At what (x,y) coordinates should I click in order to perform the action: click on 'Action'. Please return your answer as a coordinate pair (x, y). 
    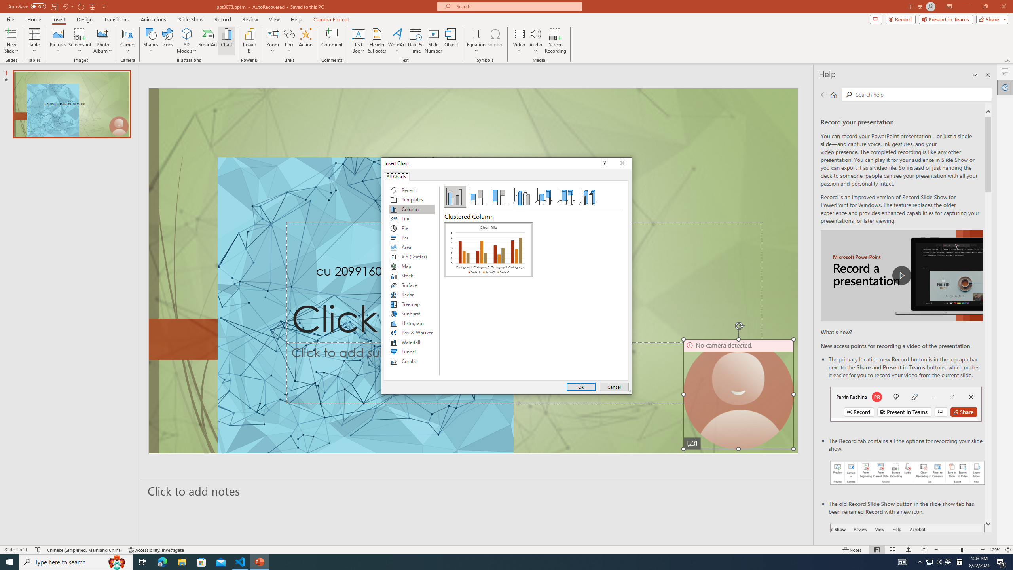
    Looking at the image, I should click on (306, 41).